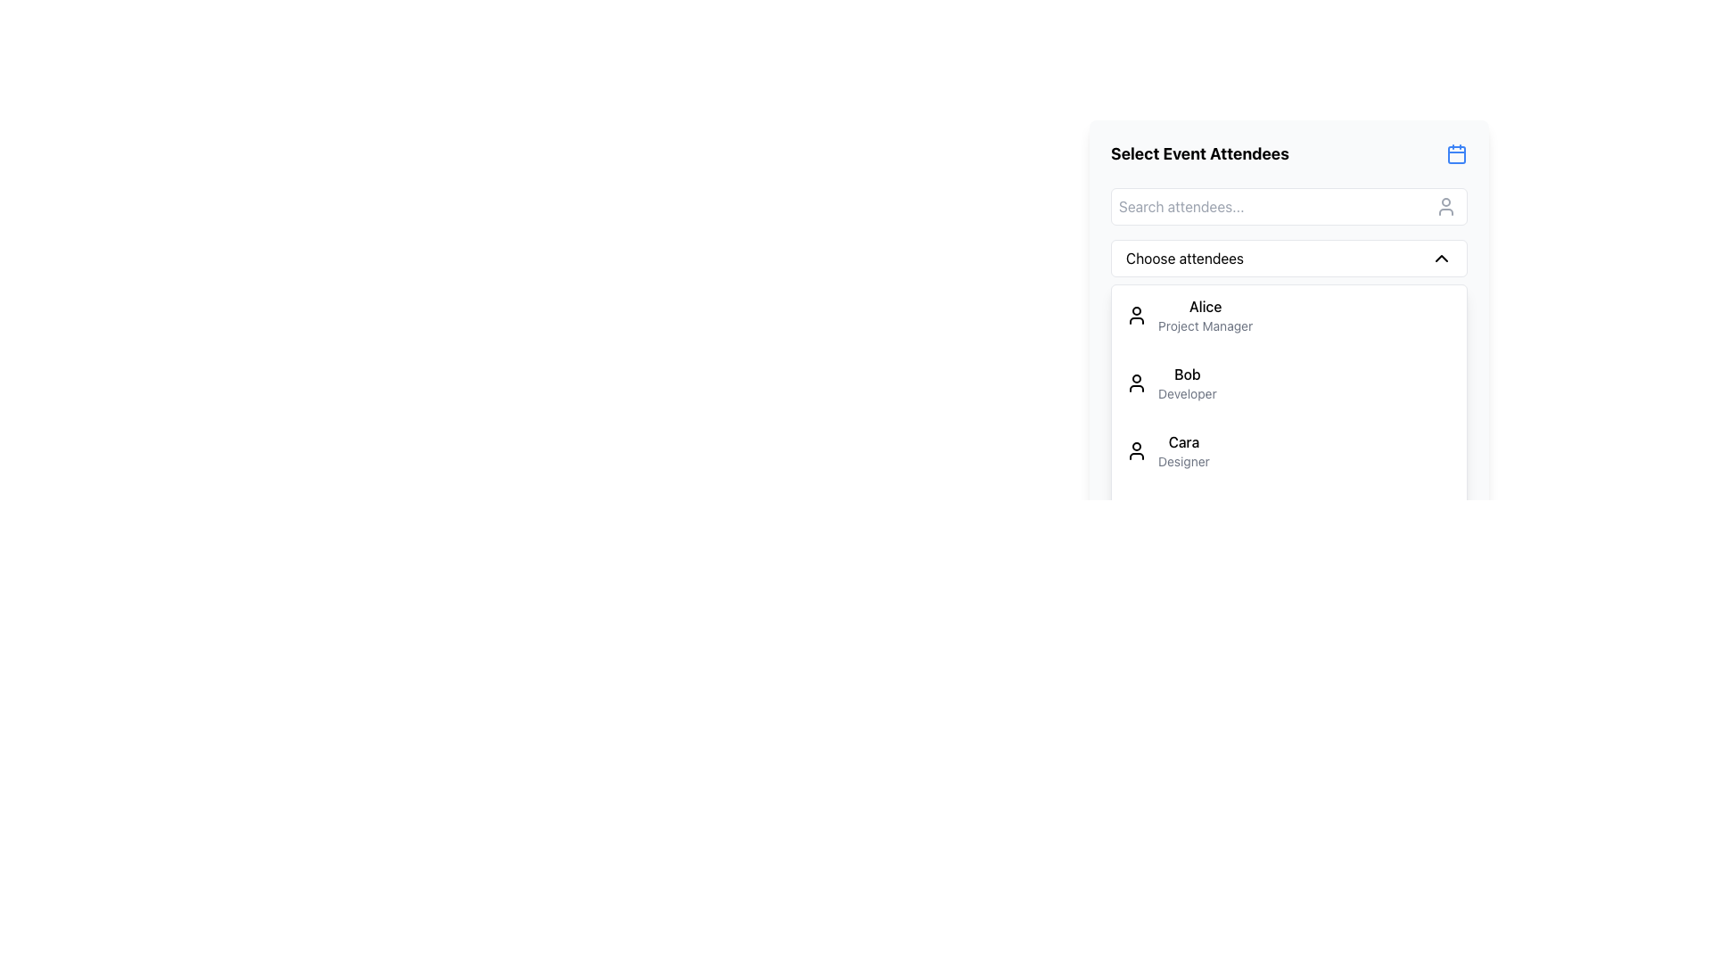 The image size is (1712, 963). I want to click on on the text element displaying the first name 'Cara' in the list of attendees, so click(1183, 441).